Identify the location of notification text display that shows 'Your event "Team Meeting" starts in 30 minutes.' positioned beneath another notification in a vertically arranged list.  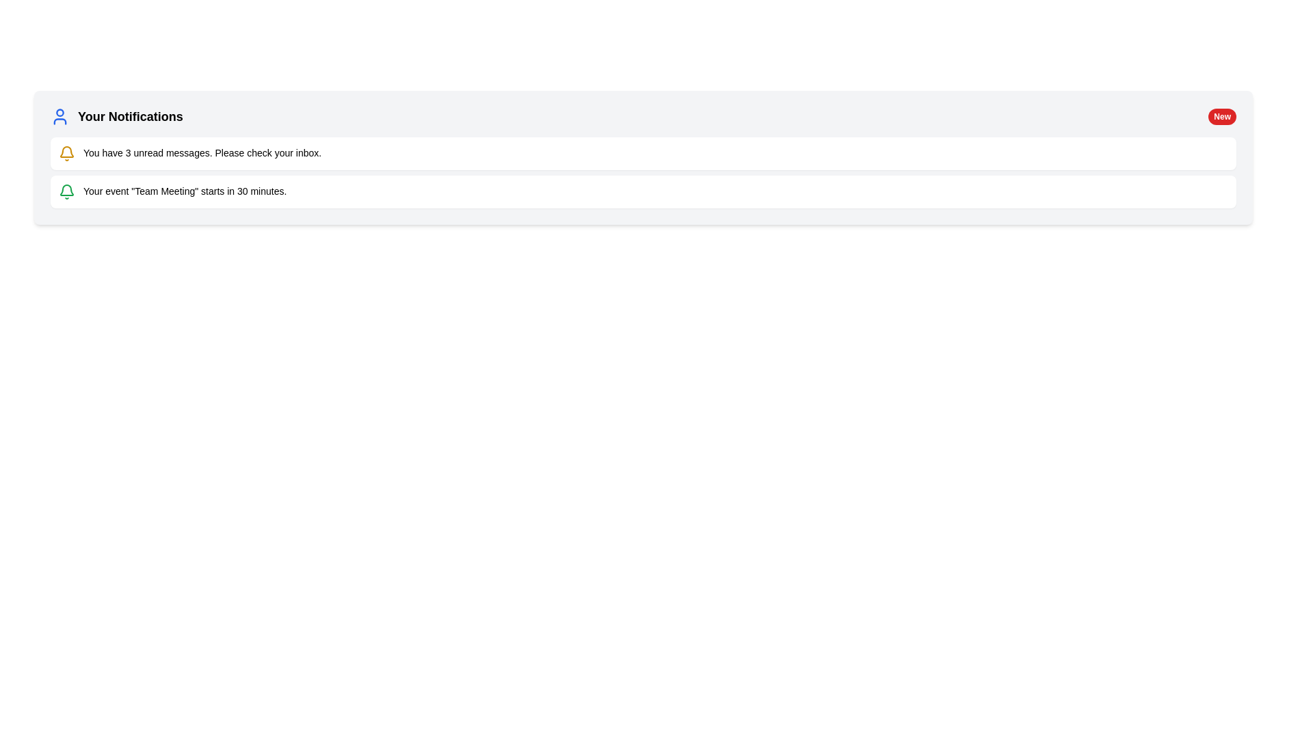
(184, 192).